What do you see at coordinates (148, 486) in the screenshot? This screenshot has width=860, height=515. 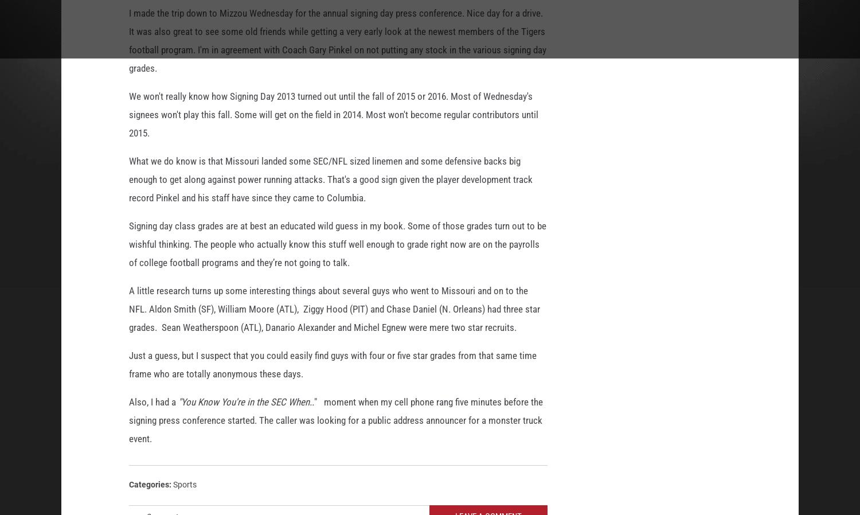 I see `'Categories'` at bounding box center [148, 486].